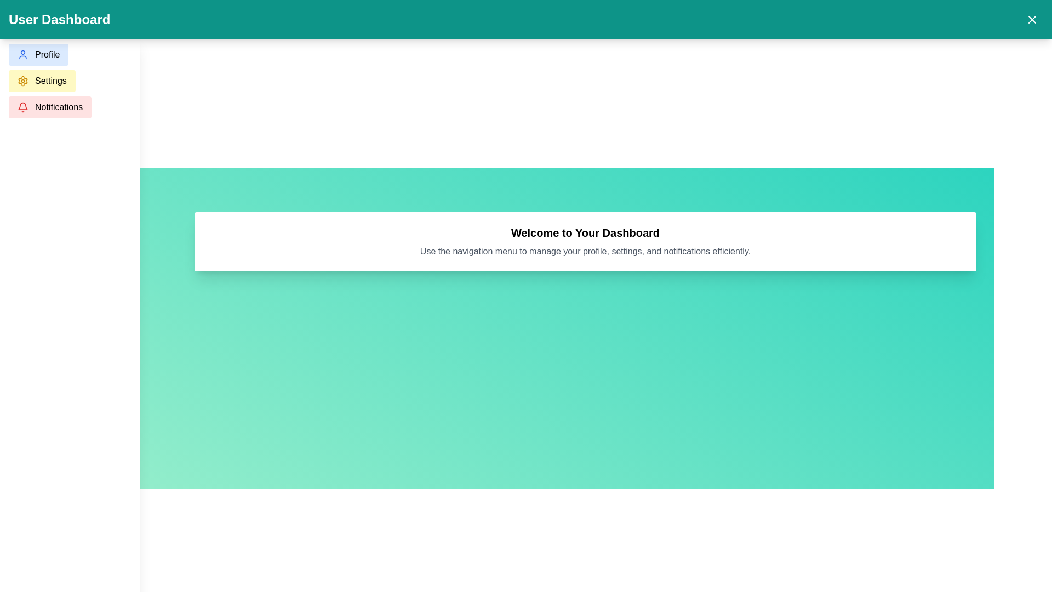 Image resolution: width=1052 pixels, height=592 pixels. I want to click on the third button in the sidebar navigation panel, so click(49, 107).